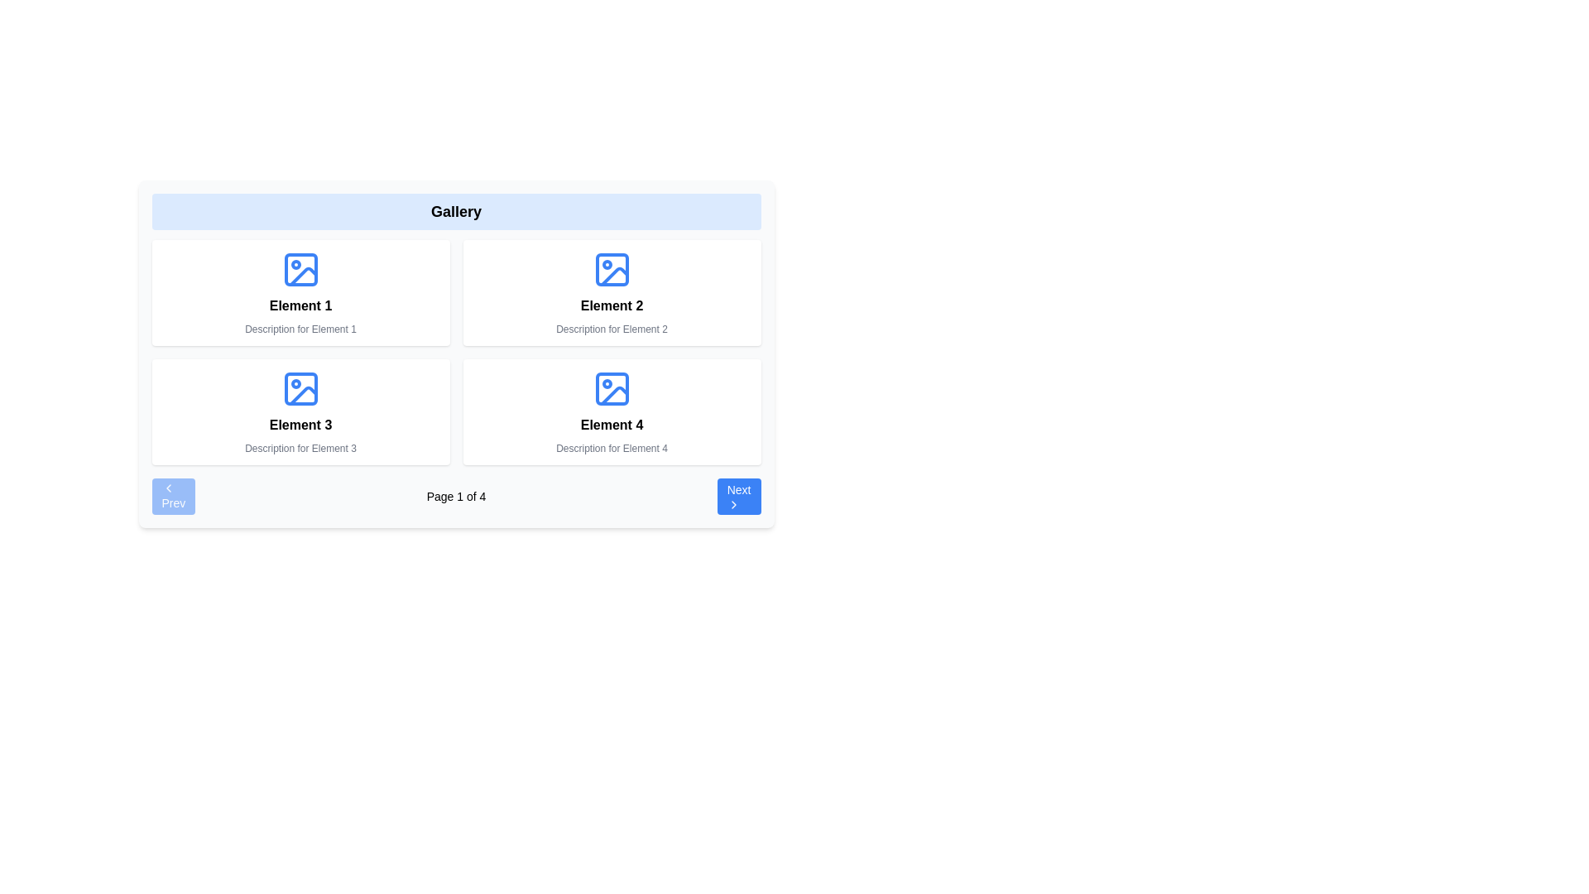  Describe the element at coordinates (611, 269) in the screenshot. I see `the background rectangle within the image icon located in the upper right section of the grid under 'Gallery'` at that location.